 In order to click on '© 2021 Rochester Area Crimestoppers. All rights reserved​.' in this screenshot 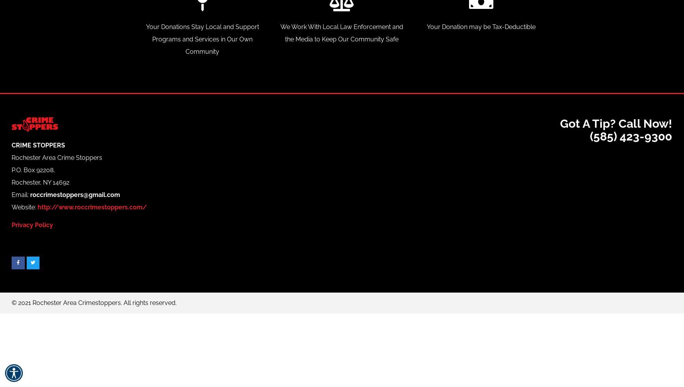, I will do `click(94, 303)`.